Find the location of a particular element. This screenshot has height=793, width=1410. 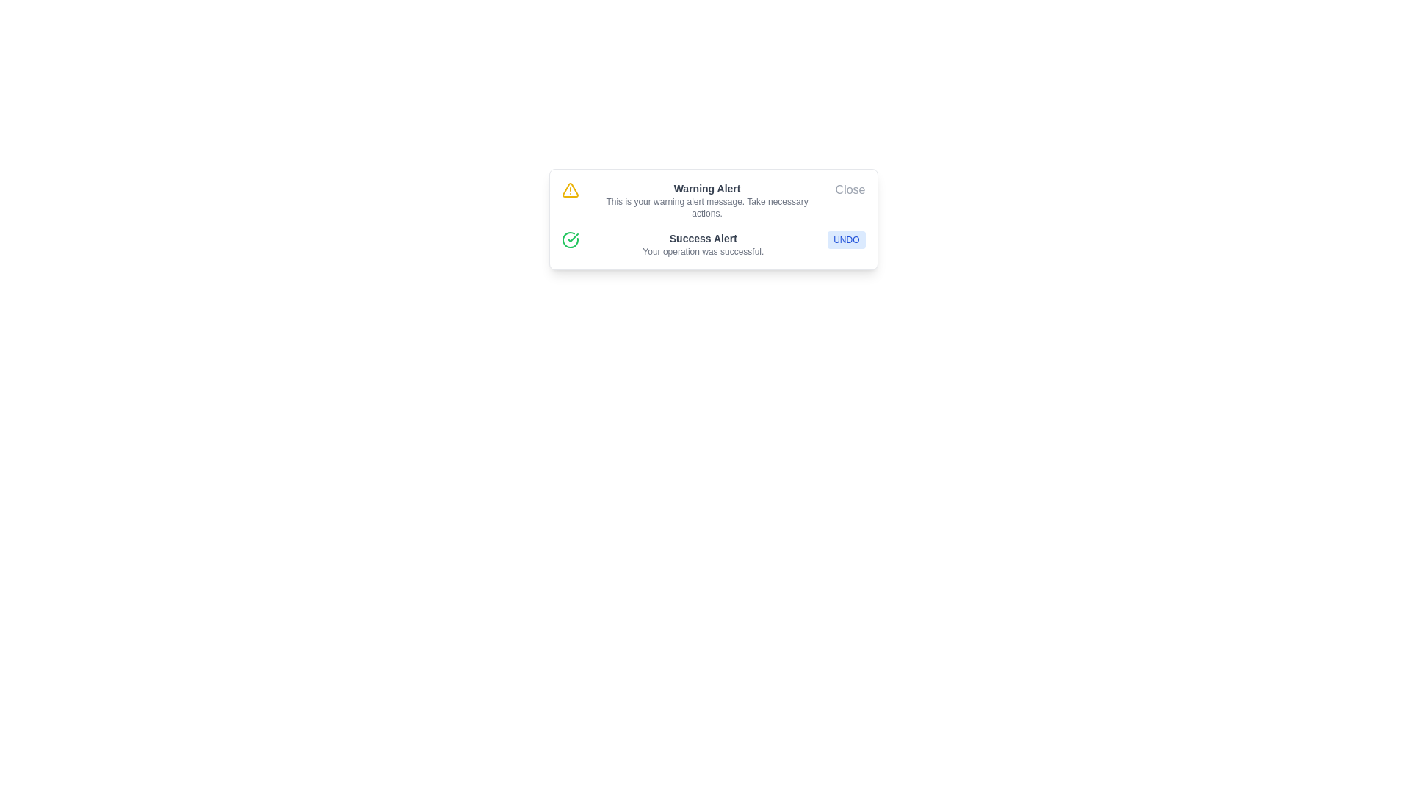

text snippet styled in small gray font that displays the message 'Your operation was successful.' located below the 'Success Alert' title in the notification card is located at coordinates (702, 251).